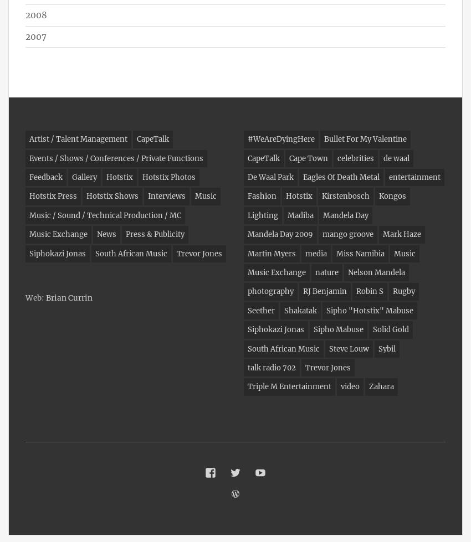 This screenshot has width=471, height=542. I want to click on 'Hotstix Shows', so click(111, 196).